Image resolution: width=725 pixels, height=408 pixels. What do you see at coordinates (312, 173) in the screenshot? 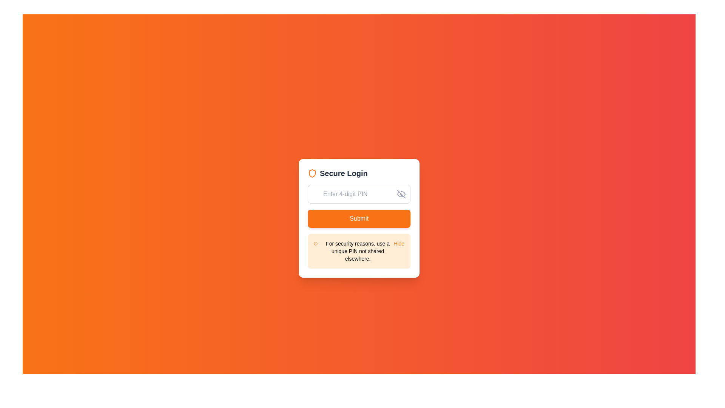
I see `the orange shield icon with a white background located at the top-left corner of the main form, next to the 'Secure Login' title text` at bounding box center [312, 173].